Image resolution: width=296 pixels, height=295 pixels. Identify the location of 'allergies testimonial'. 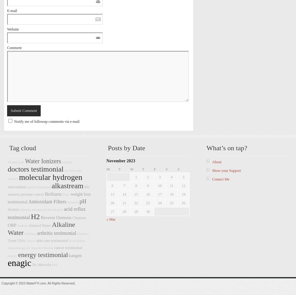
(33, 210).